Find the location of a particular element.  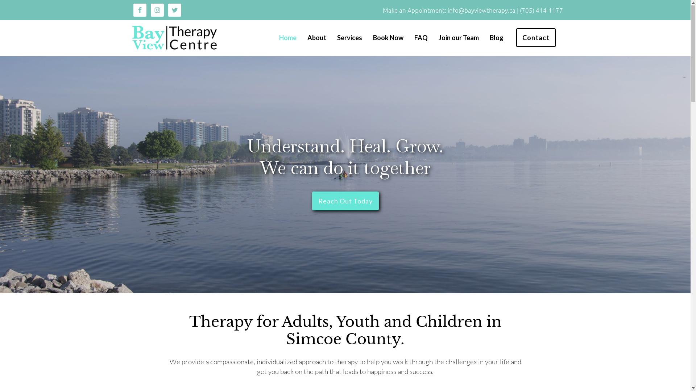

'Join our Team' is located at coordinates (458, 38).